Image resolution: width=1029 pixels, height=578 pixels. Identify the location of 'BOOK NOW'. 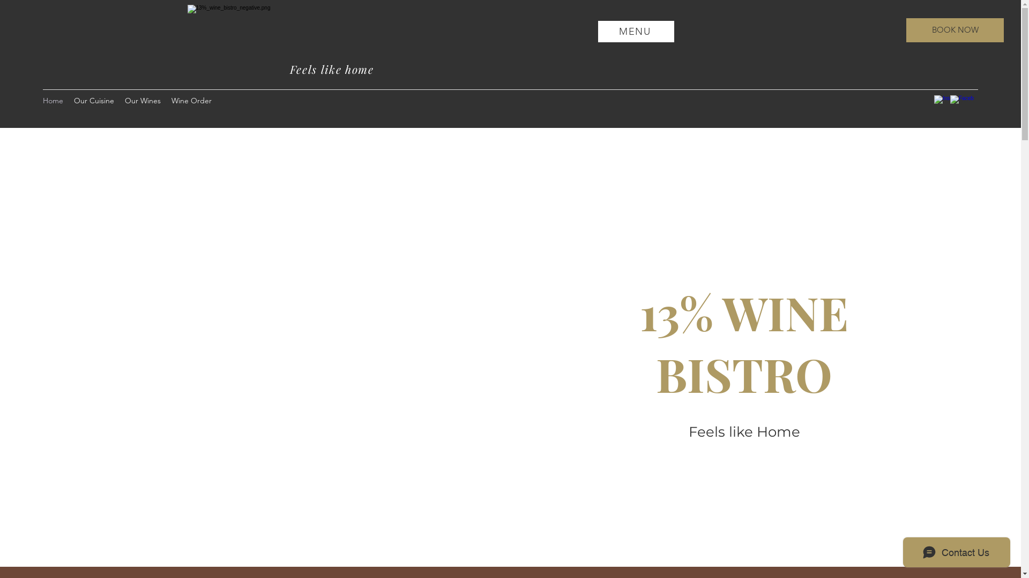
(955, 29).